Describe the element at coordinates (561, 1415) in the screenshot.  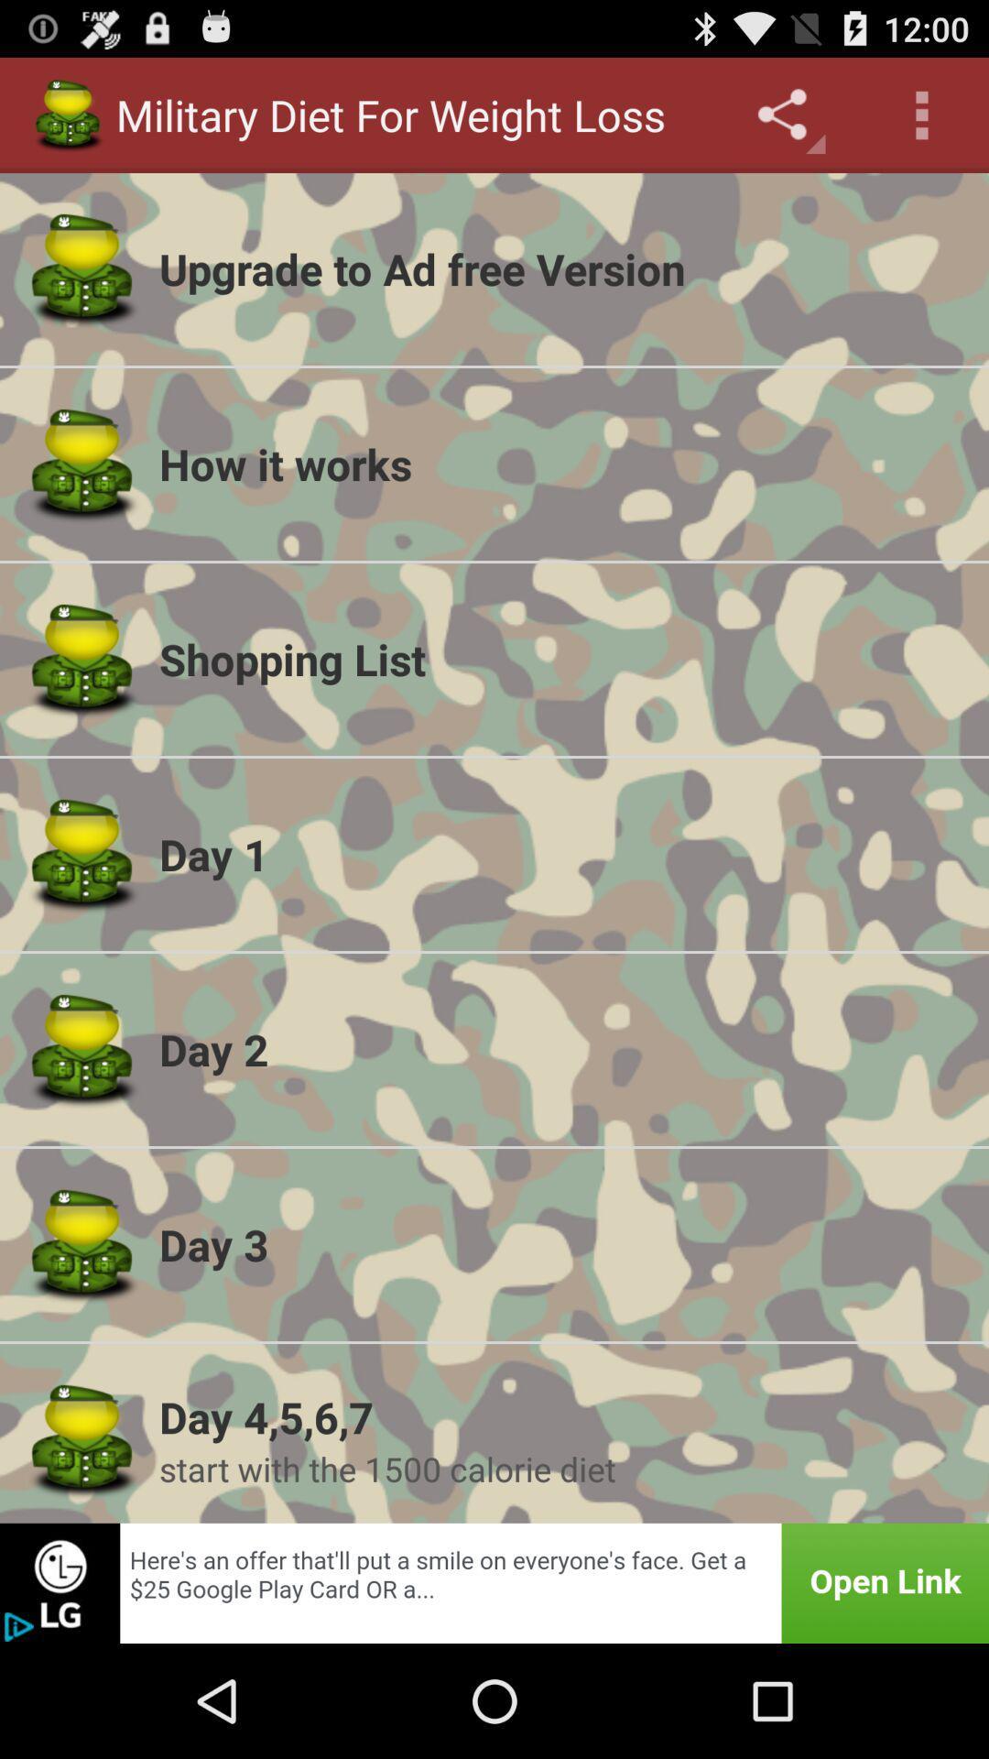
I see `icon below the day 3 icon` at that location.